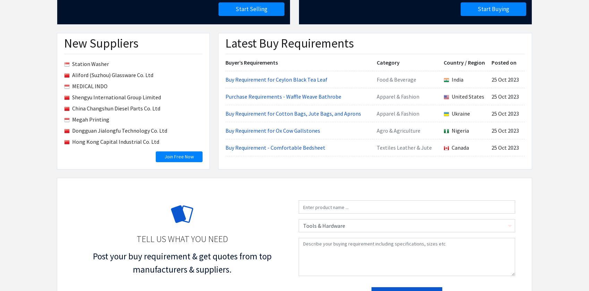 This screenshot has width=589, height=291. What do you see at coordinates (293, 108) in the screenshot?
I see `'United States'` at bounding box center [293, 108].